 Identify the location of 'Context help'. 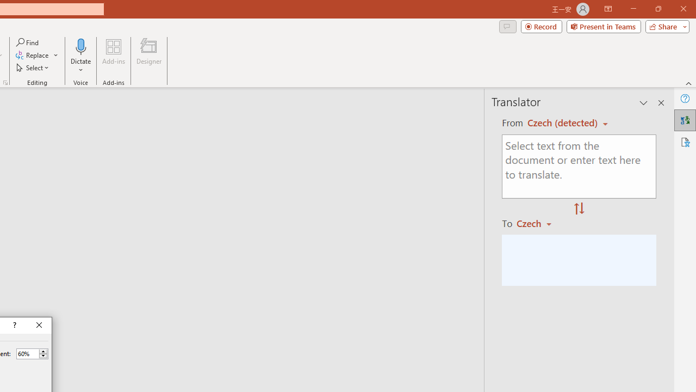
(14, 324).